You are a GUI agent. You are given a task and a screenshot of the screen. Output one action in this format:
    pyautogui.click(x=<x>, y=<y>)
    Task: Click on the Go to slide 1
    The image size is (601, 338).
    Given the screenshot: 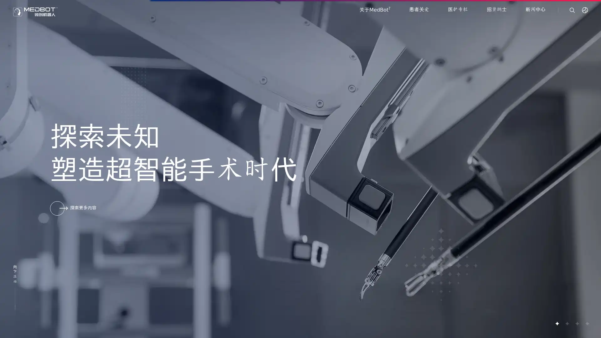 What is the action you would take?
    pyautogui.click(x=557, y=323)
    